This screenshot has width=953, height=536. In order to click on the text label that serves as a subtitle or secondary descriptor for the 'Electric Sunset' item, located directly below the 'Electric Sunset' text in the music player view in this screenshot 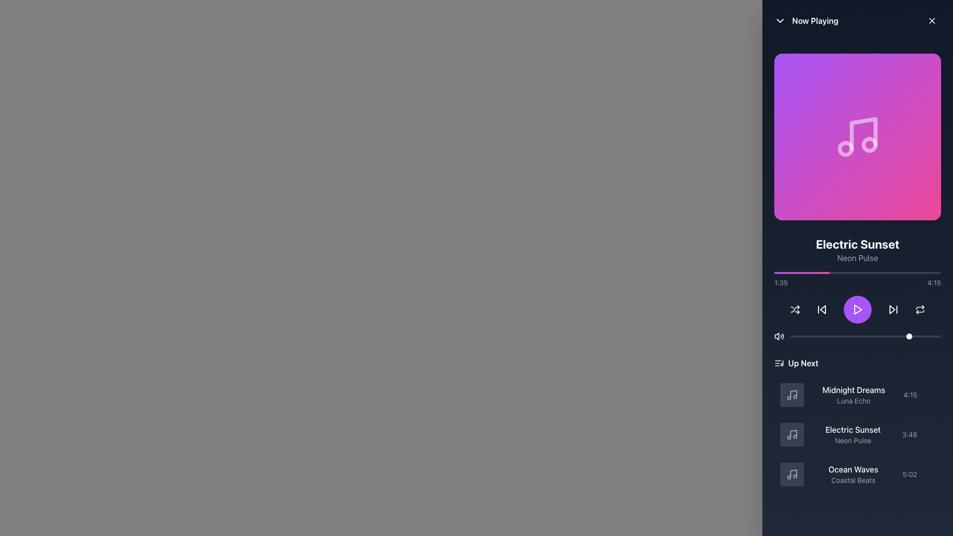, I will do `click(857, 258)`.